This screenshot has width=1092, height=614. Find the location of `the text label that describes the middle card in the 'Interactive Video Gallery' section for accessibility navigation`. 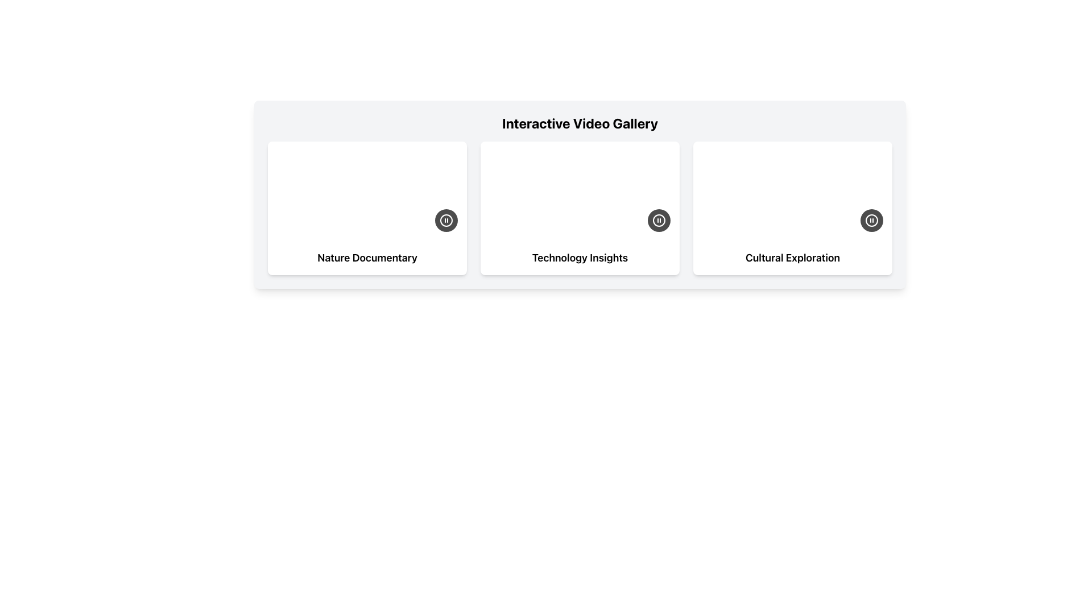

the text label that describes the middle card in the 'Interactive Video Gallery' section for accessibility navigation is located at coordinates (580, 258).